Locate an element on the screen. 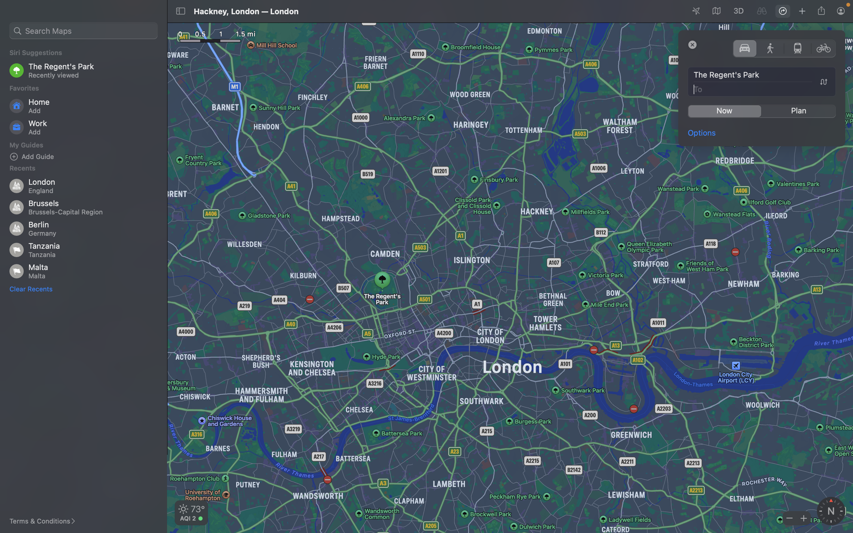 Image resolution: width=853 pixels, height=533 pixels. Opt for walking in the transportation mode is located at coordinates (771, 48).